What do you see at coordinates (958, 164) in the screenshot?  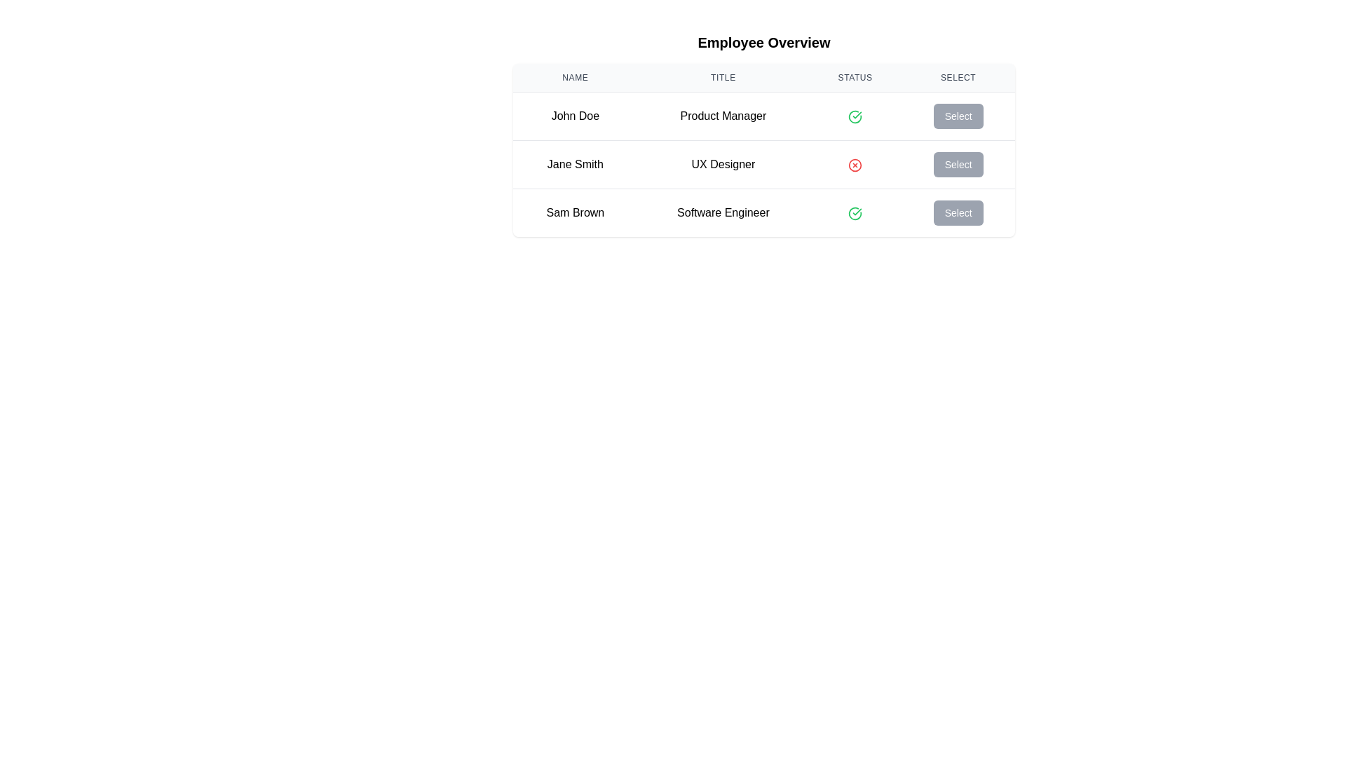 I see `the 'Select' button for the 'Jane Smith' entry, which is a gray rectangular button with rounded corners containing white lettering` at bounding box center [958, 164].